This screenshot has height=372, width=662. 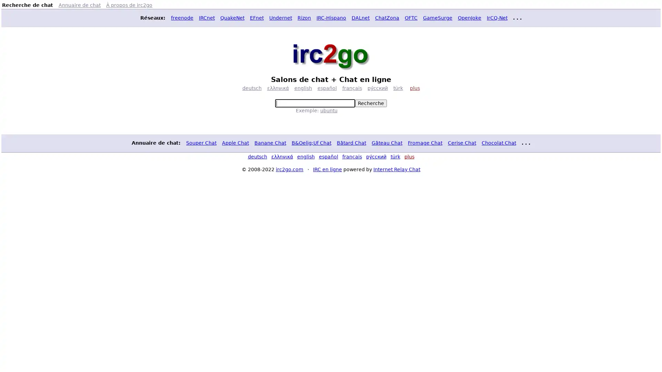 What do you see at coordinates (370, 103) in the screenshot?
I see `Recherche` at bounding box center [370, 103].